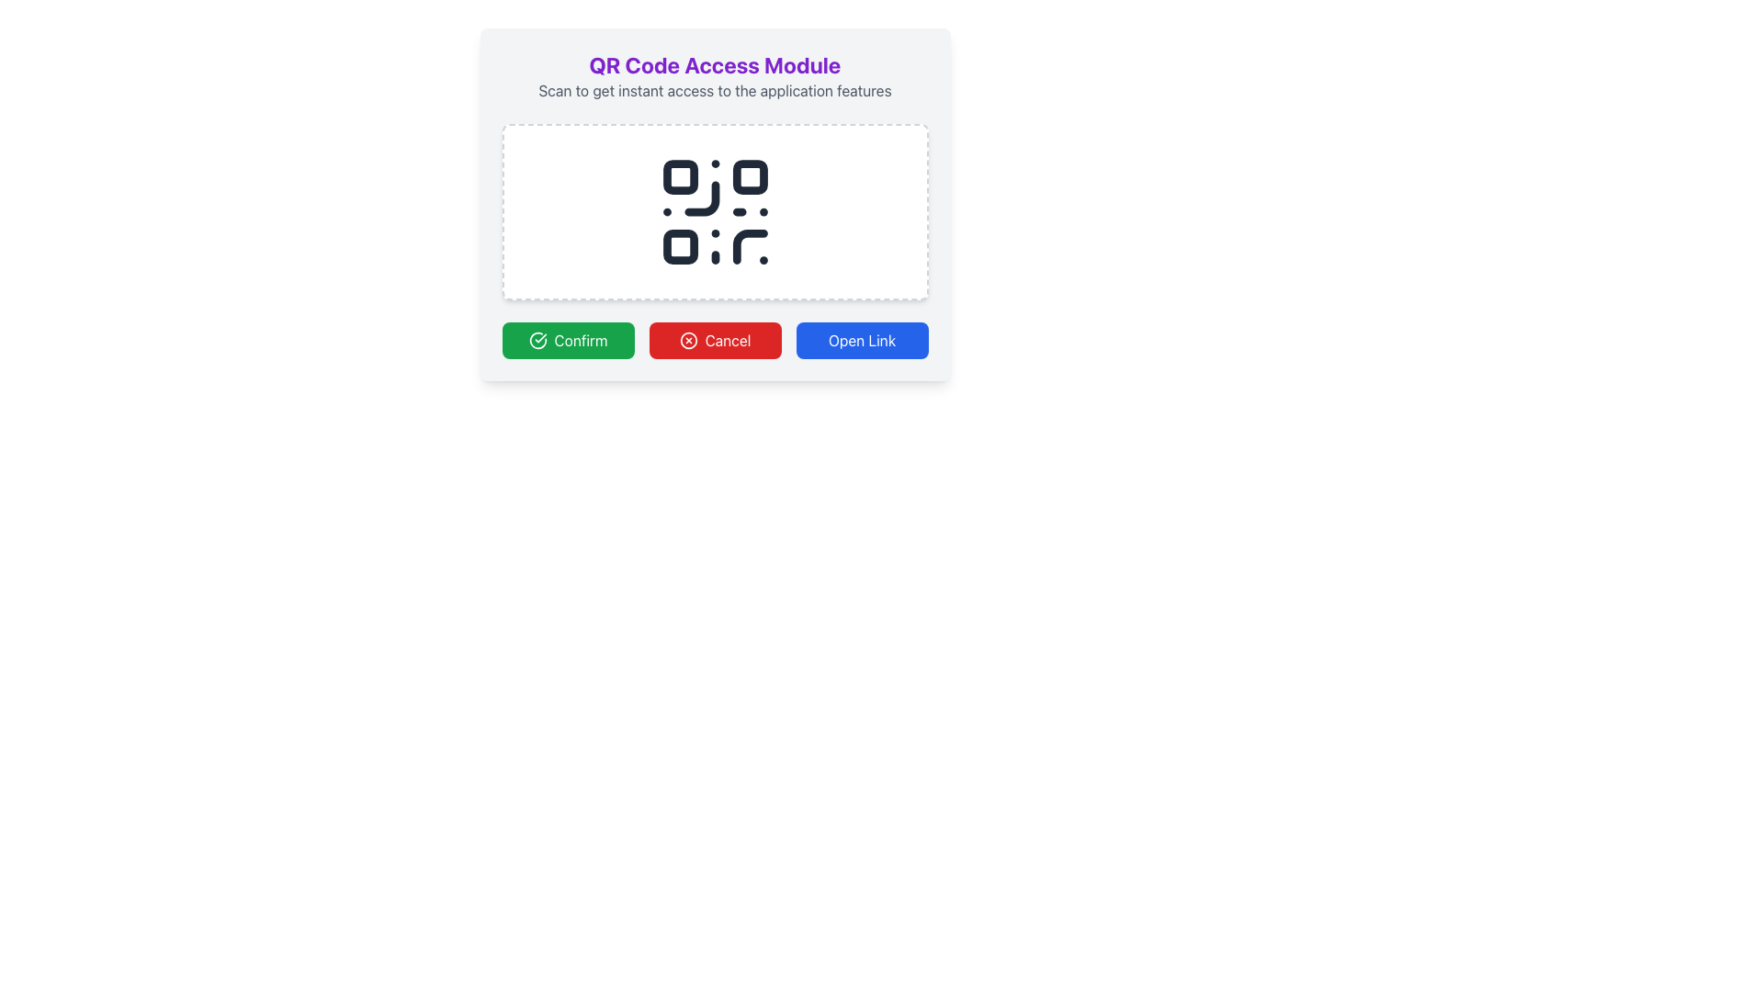 The height and width of the screenshot is (992, 1764). I want to click on the QR code displayed in the graphical box located within the 'QR Code Access Module' for scanning purposes, so click(714, 211).